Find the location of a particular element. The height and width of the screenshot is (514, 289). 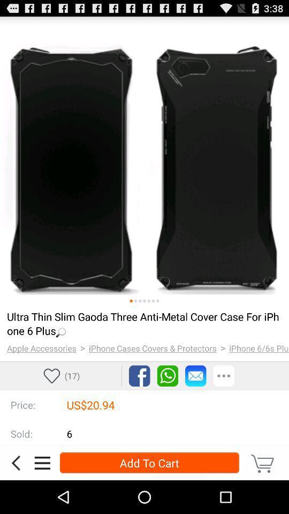

open the sidebar menu is located at coordinates (42, 462).